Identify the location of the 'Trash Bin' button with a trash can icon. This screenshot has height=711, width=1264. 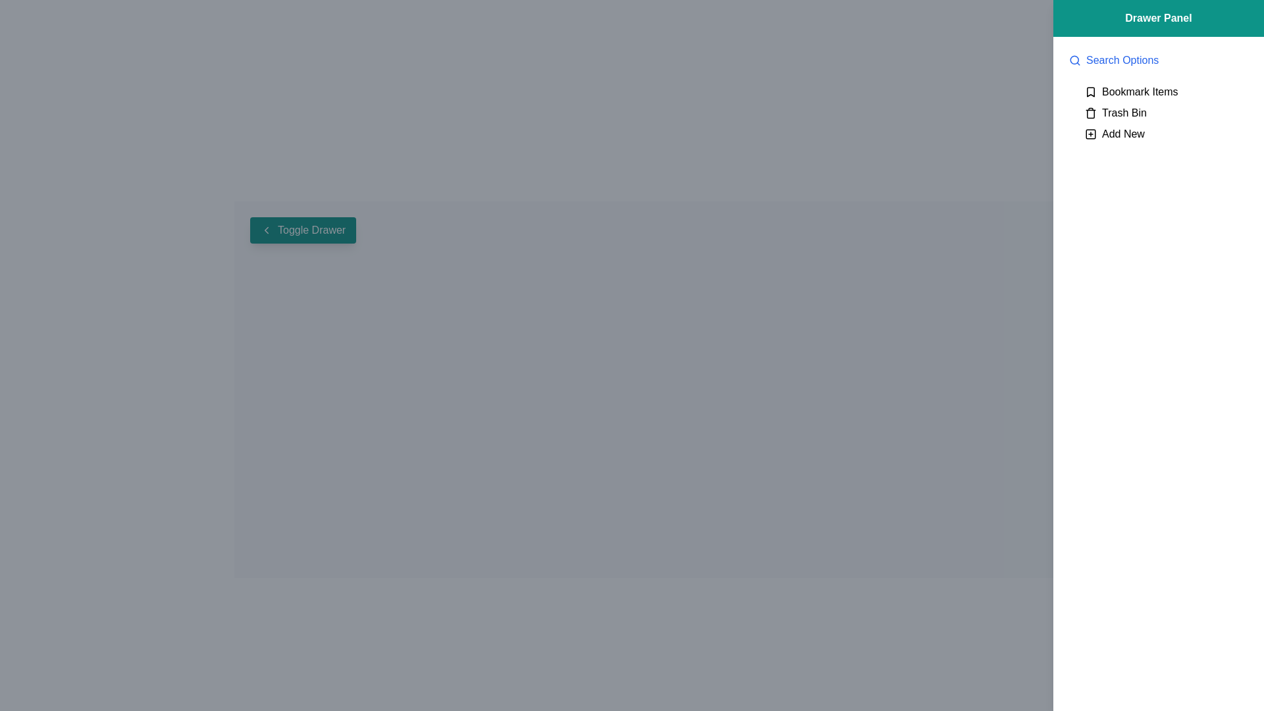
(1115, 113).